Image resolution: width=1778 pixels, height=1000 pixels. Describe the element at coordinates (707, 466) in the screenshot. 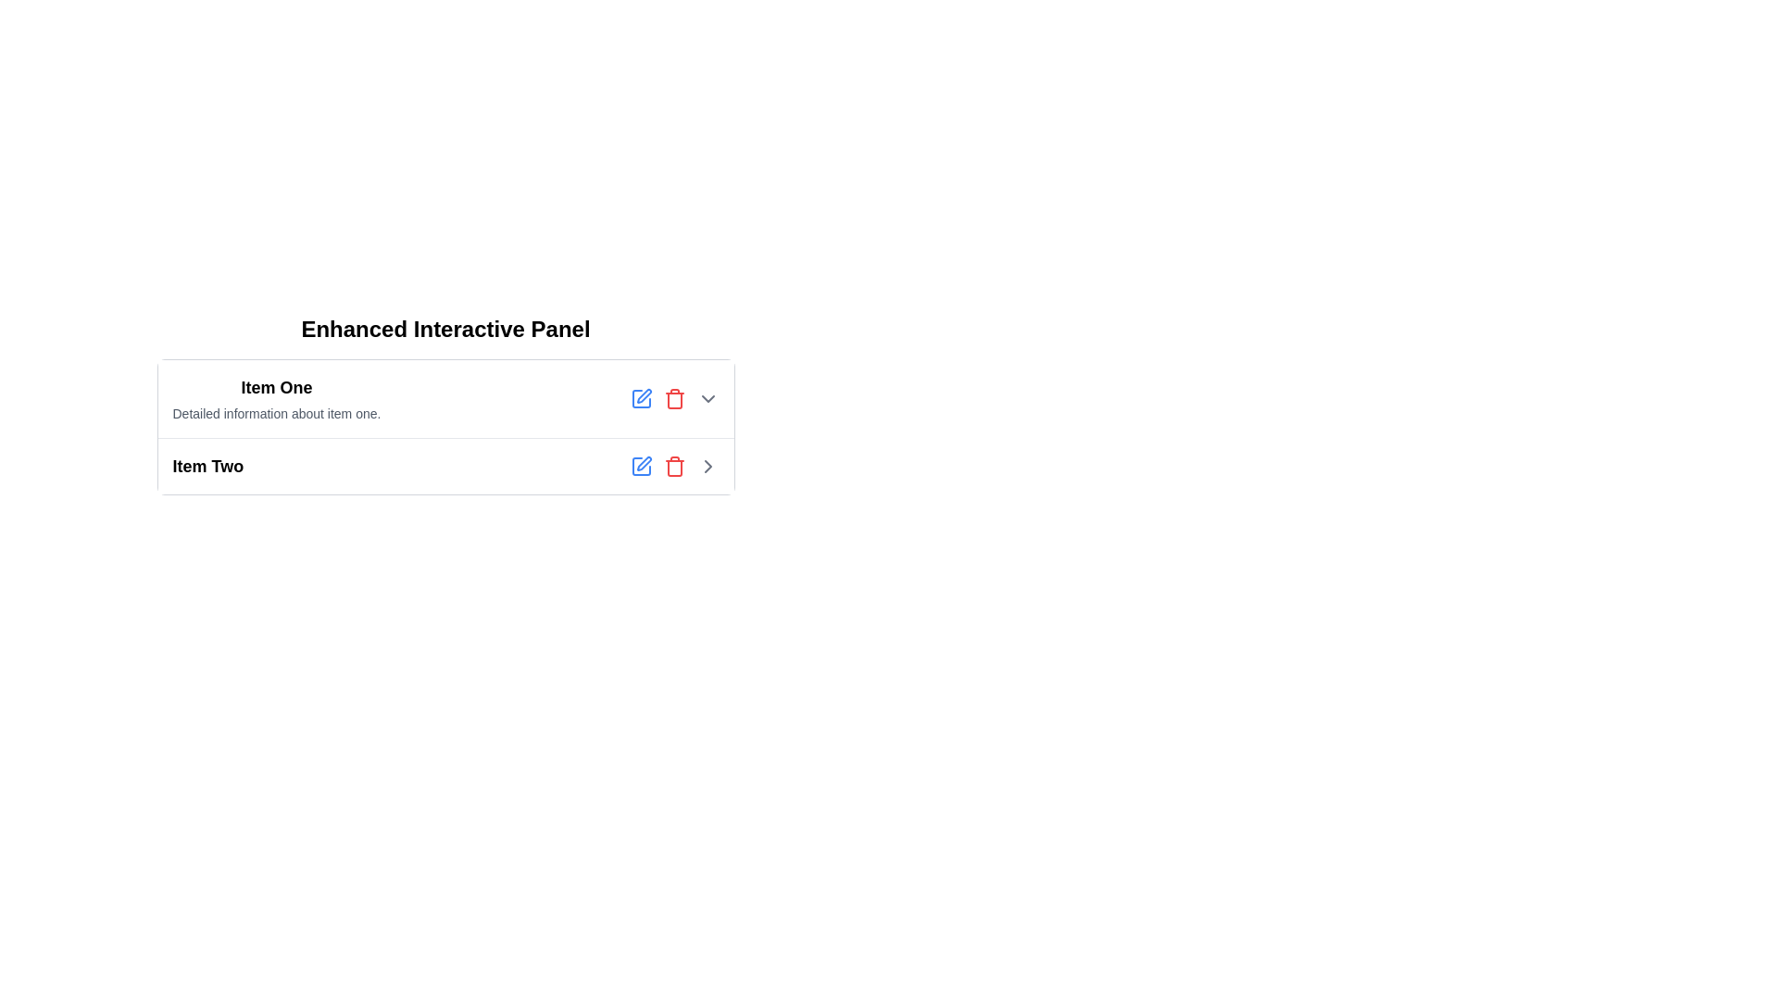

I see `the fourth icon-based button aligned to the rightmost of the row containing 'Item Two'` at that location.